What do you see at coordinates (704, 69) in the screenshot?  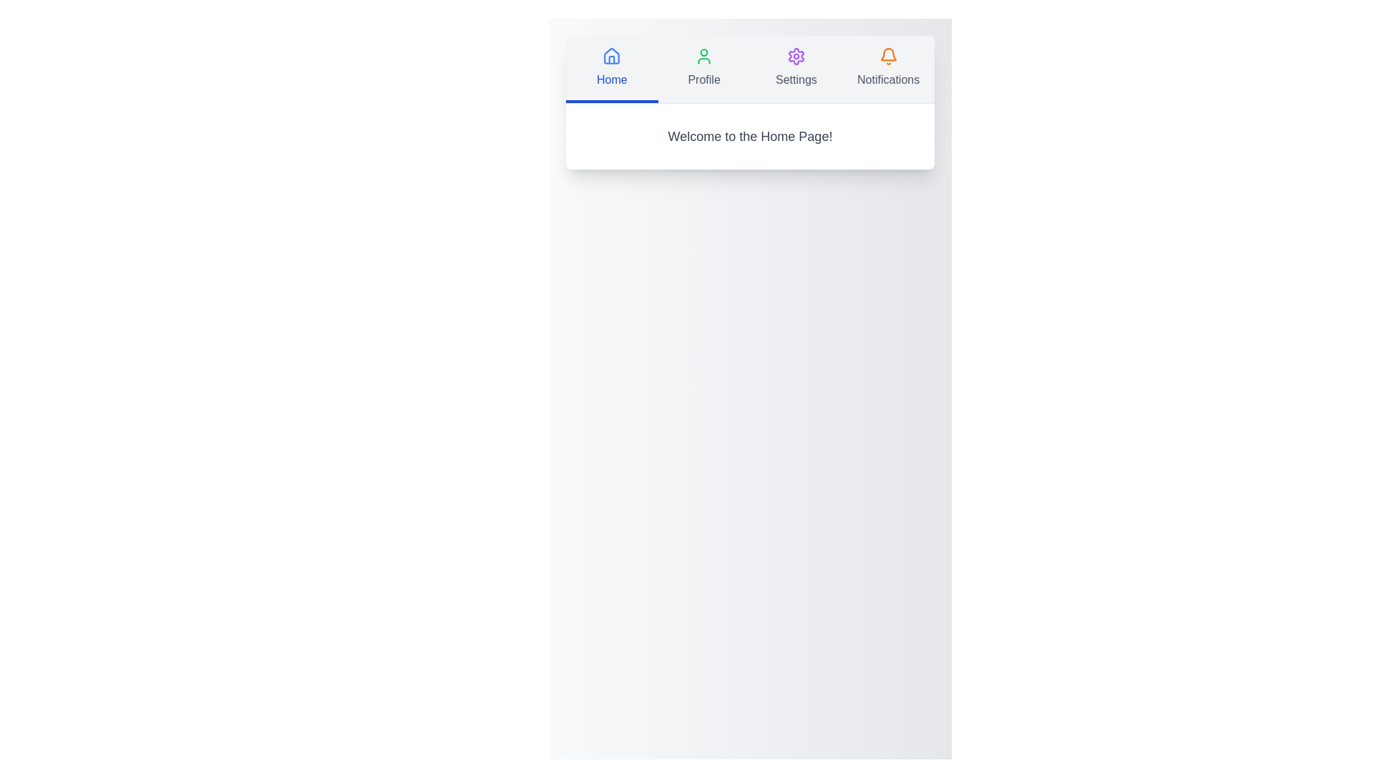 I see `the Profile tab` at bounding box center [704, 69].